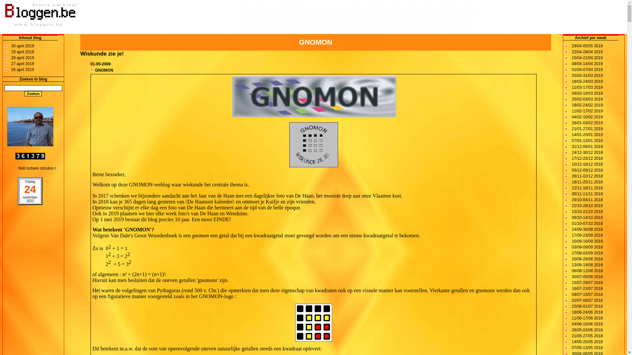 The width and height of the screenshot is (632, 355). What do you see at coordinates (587, 58) in the screenshot?
I see `'15/04-21/04 2019'` at bounding box center [587, 58].